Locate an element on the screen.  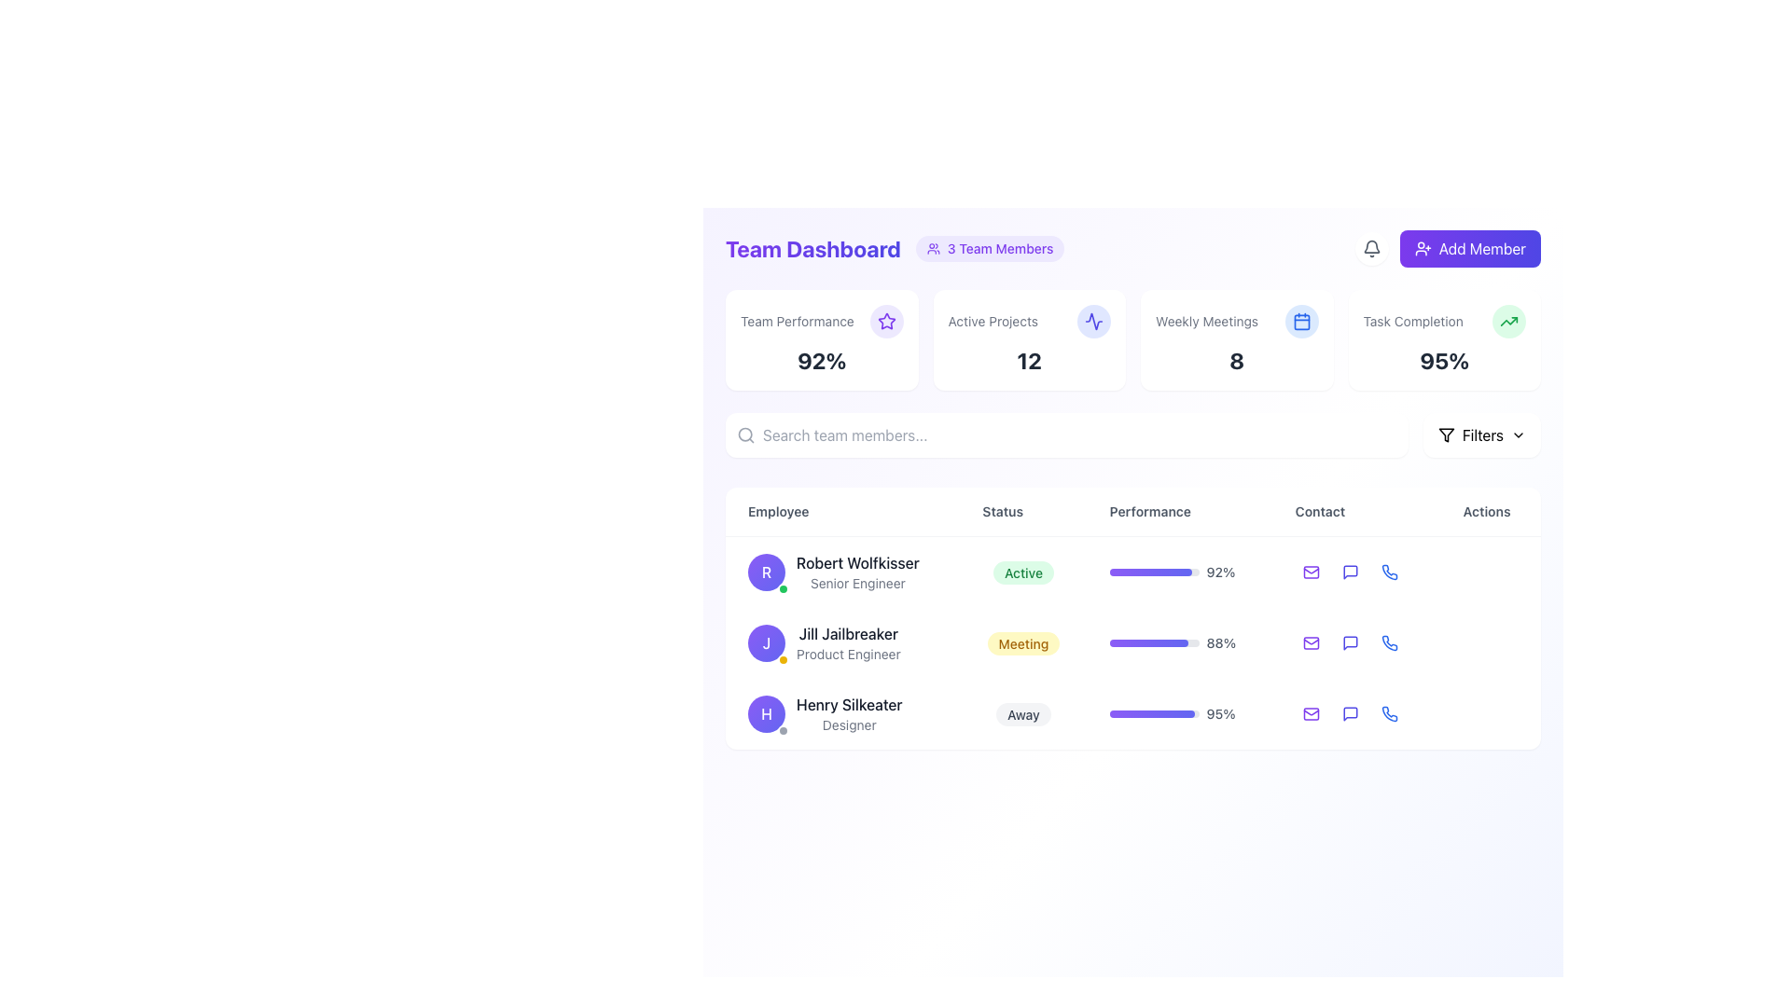
the Text Display (Multi-line) element that shows the name and job title of an individual in the first row under the 'Employee' column in the Team Dashboard is located at coordinates (856, 571).